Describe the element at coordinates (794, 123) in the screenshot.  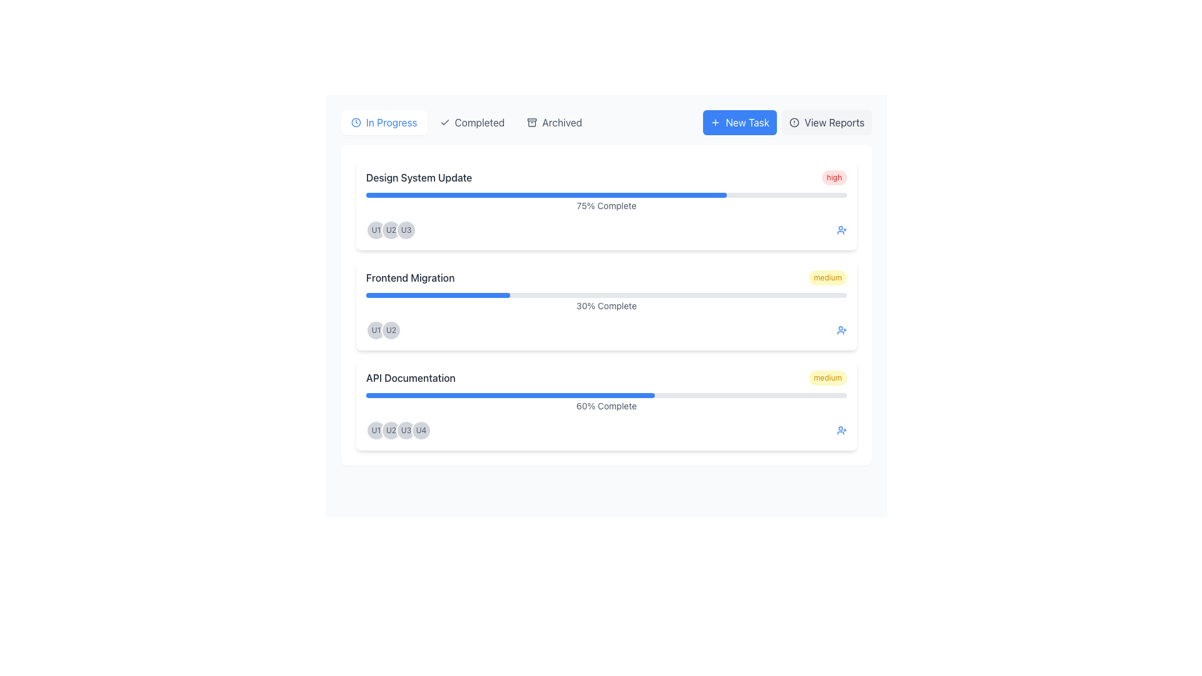
I see `the visual style of the alert icon located inside the 'View Reports' button at the upper-right corner of the interface, to the left of the button text` at that location.